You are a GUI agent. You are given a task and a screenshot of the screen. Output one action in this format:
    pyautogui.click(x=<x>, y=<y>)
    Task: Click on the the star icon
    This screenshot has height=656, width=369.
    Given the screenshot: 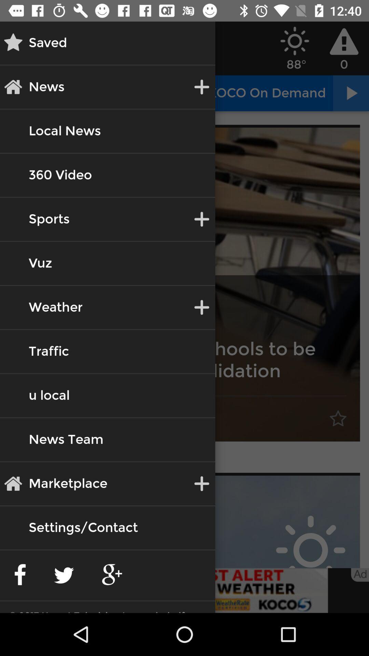 What is the action you would take?
    pyautogui.click(x=25, y=46)
    